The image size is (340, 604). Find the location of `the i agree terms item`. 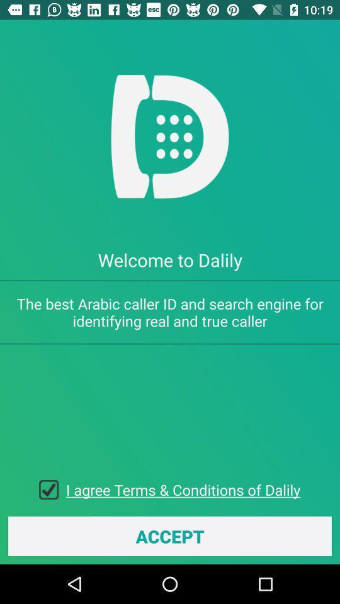

the i agree terms item is located at coordinates (183, 489).